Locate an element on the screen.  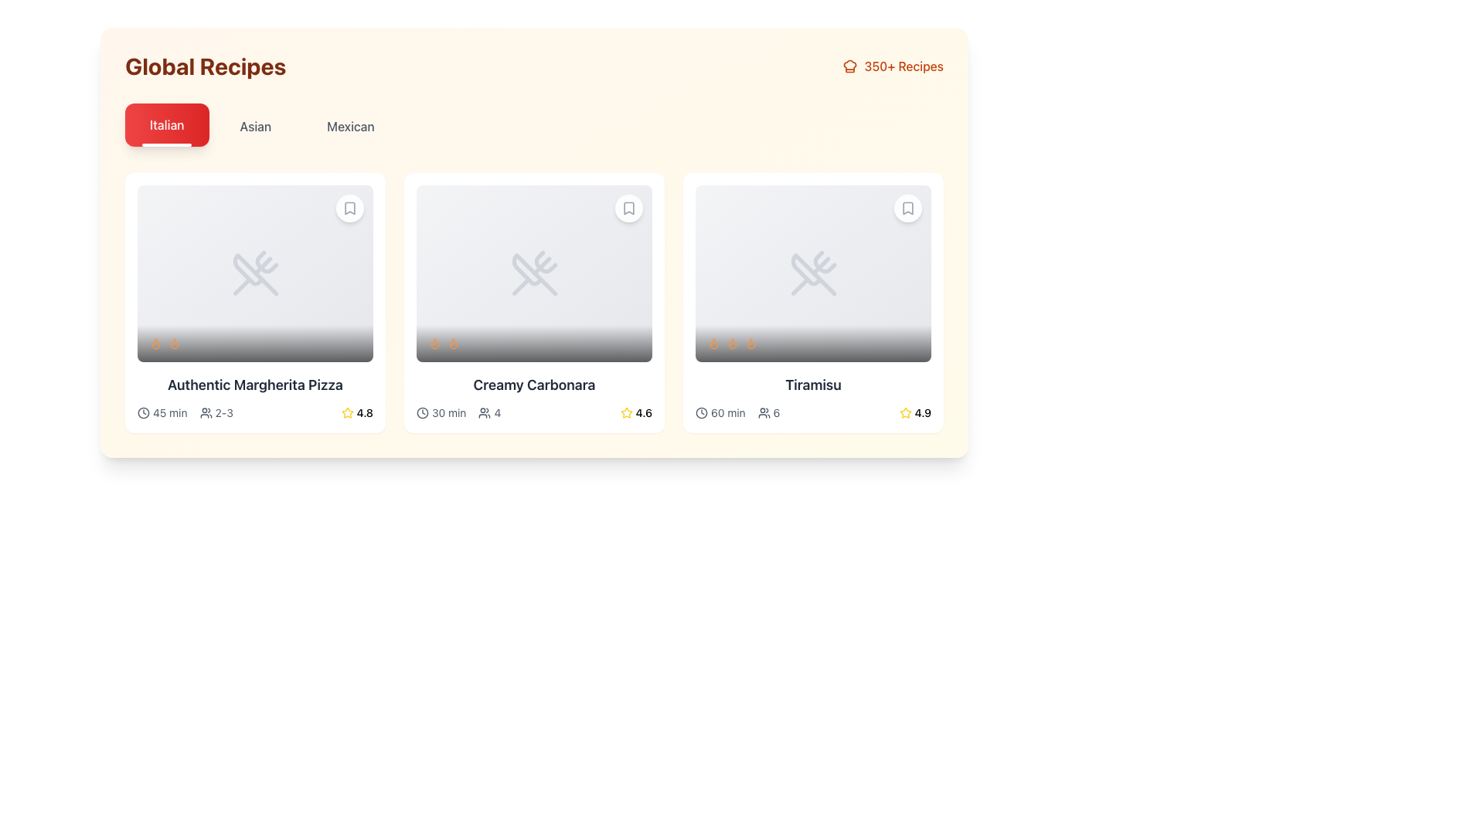
the spiciness icon located at the bottom-left corner of the 'Creamy Carbonara' card, which visually represents the heat level or popularity is located at coordinates (751, 342).